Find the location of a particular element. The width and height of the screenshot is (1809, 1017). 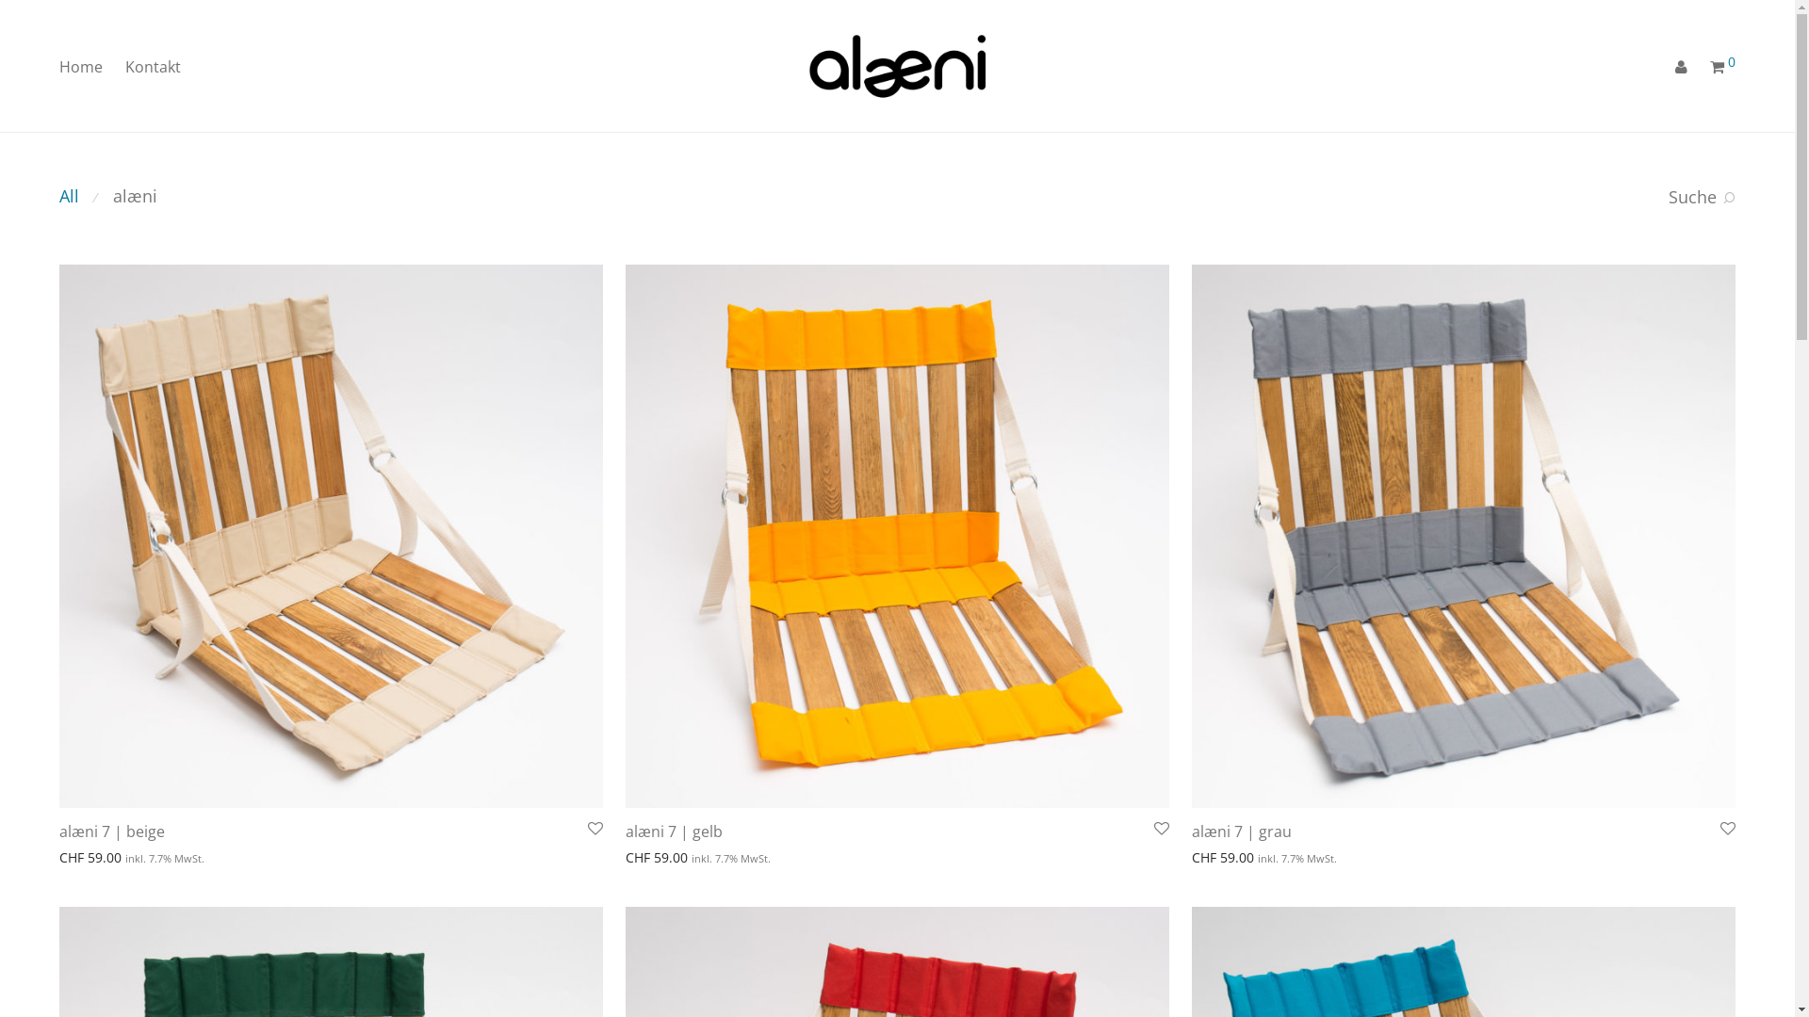

'0' is located at coordinates (1722, 66).